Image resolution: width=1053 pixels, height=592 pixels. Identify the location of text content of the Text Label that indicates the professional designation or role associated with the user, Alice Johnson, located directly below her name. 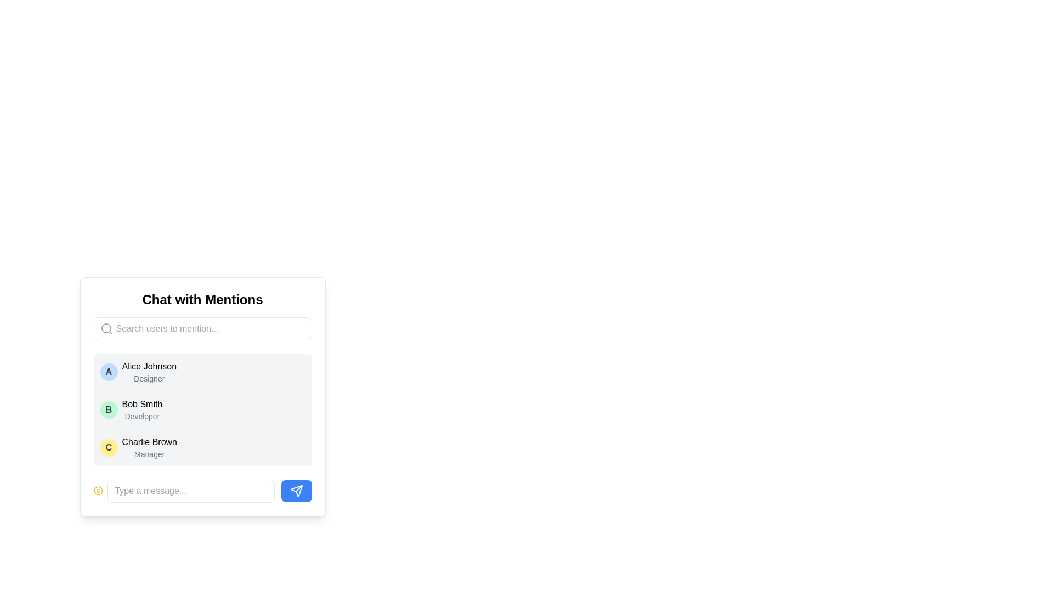
(149, 378).